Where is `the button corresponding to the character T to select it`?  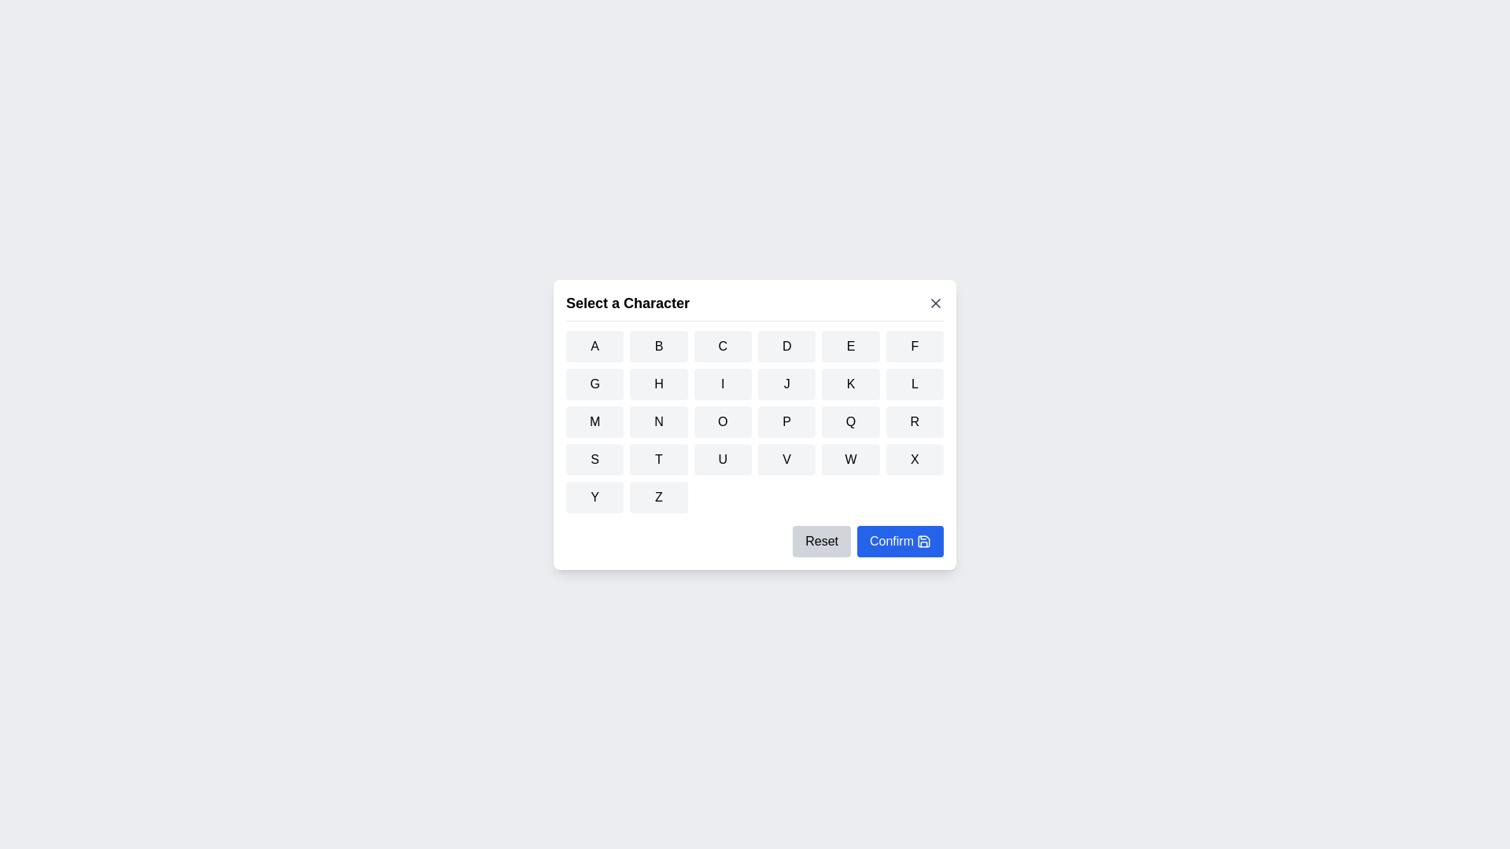 the button corresponding to the character T to select it is located at coordinates (659, 458).